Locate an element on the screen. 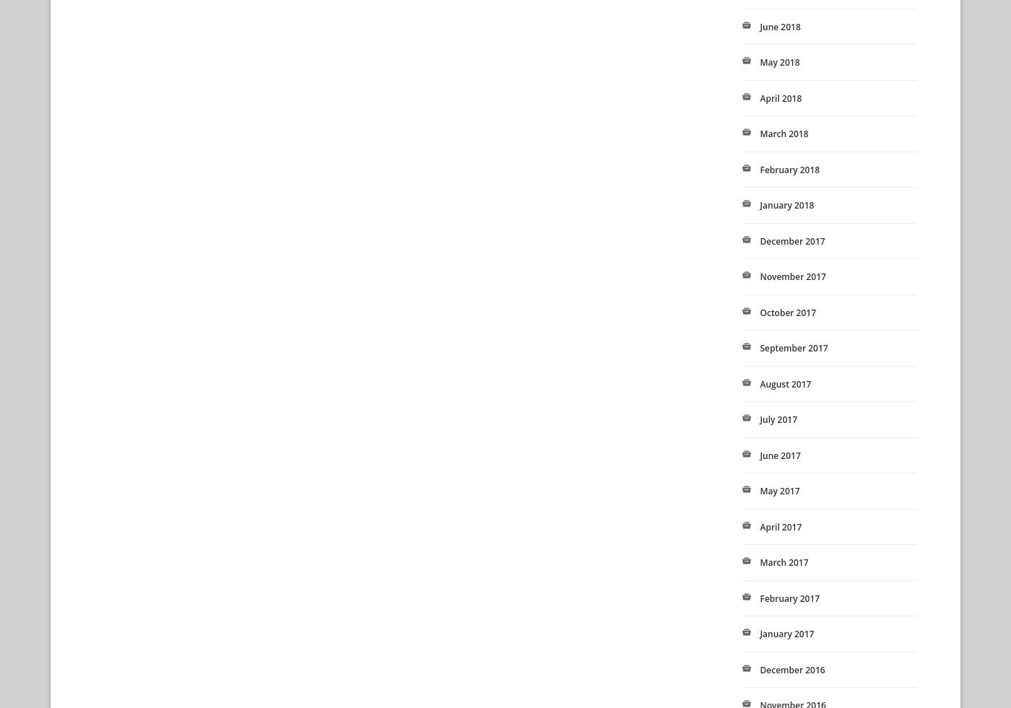 This screenshot has height=708, width=1011. 'August 2017' is located at coordinates (785, 383).